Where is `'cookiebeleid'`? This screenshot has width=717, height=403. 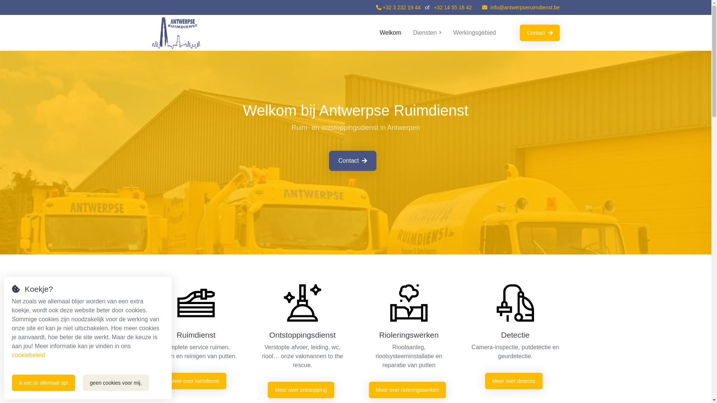
'cookiebeleid' is located at coordinates (28, 354).